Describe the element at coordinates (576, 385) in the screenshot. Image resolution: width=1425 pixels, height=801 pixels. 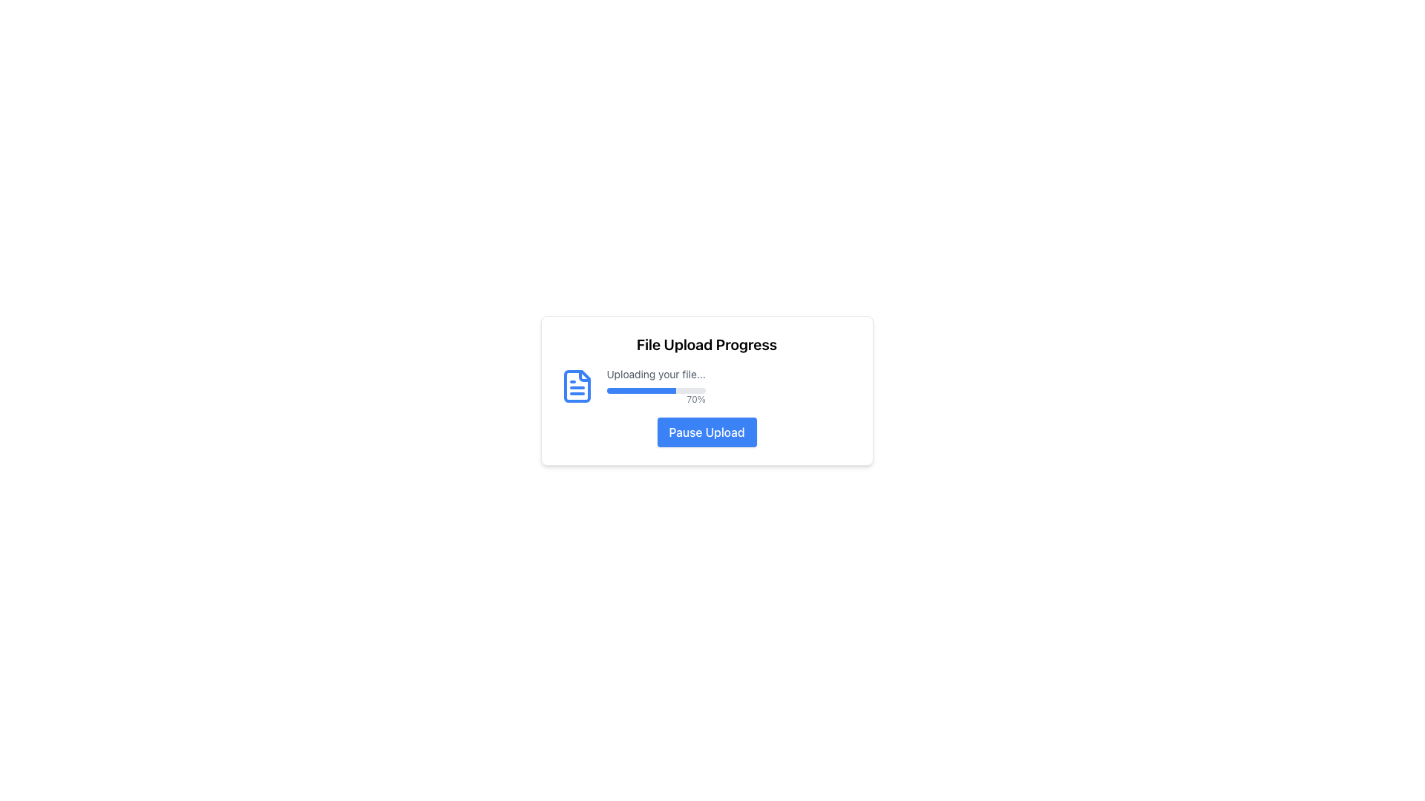
I see `the blue file icon located to the left of the text 'Uploading your file...' in the 'File Upload Progress' dialog box` at that location.